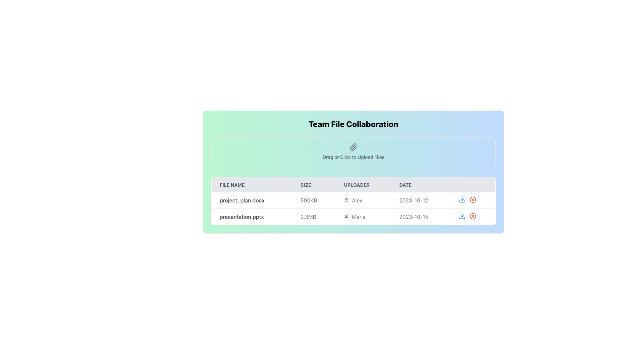 This screenshot has height=362, width=644. I want to click on the paperclip icon in the 'Drag or Click to Upload Files' section, which is styled with a gray color scheme and rounded edges, so click(353, 147).